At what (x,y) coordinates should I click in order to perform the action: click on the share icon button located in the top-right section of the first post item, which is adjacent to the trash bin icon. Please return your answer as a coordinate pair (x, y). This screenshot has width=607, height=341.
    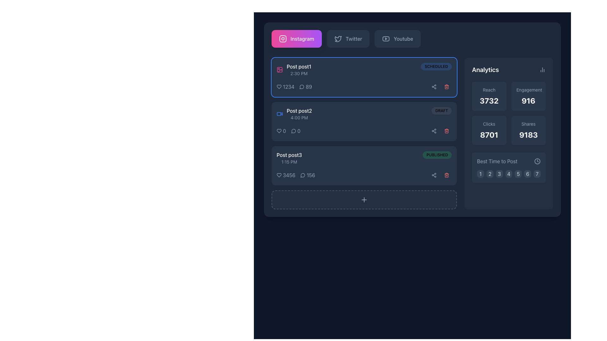
    Looking at the image, I should click on (433, 87).